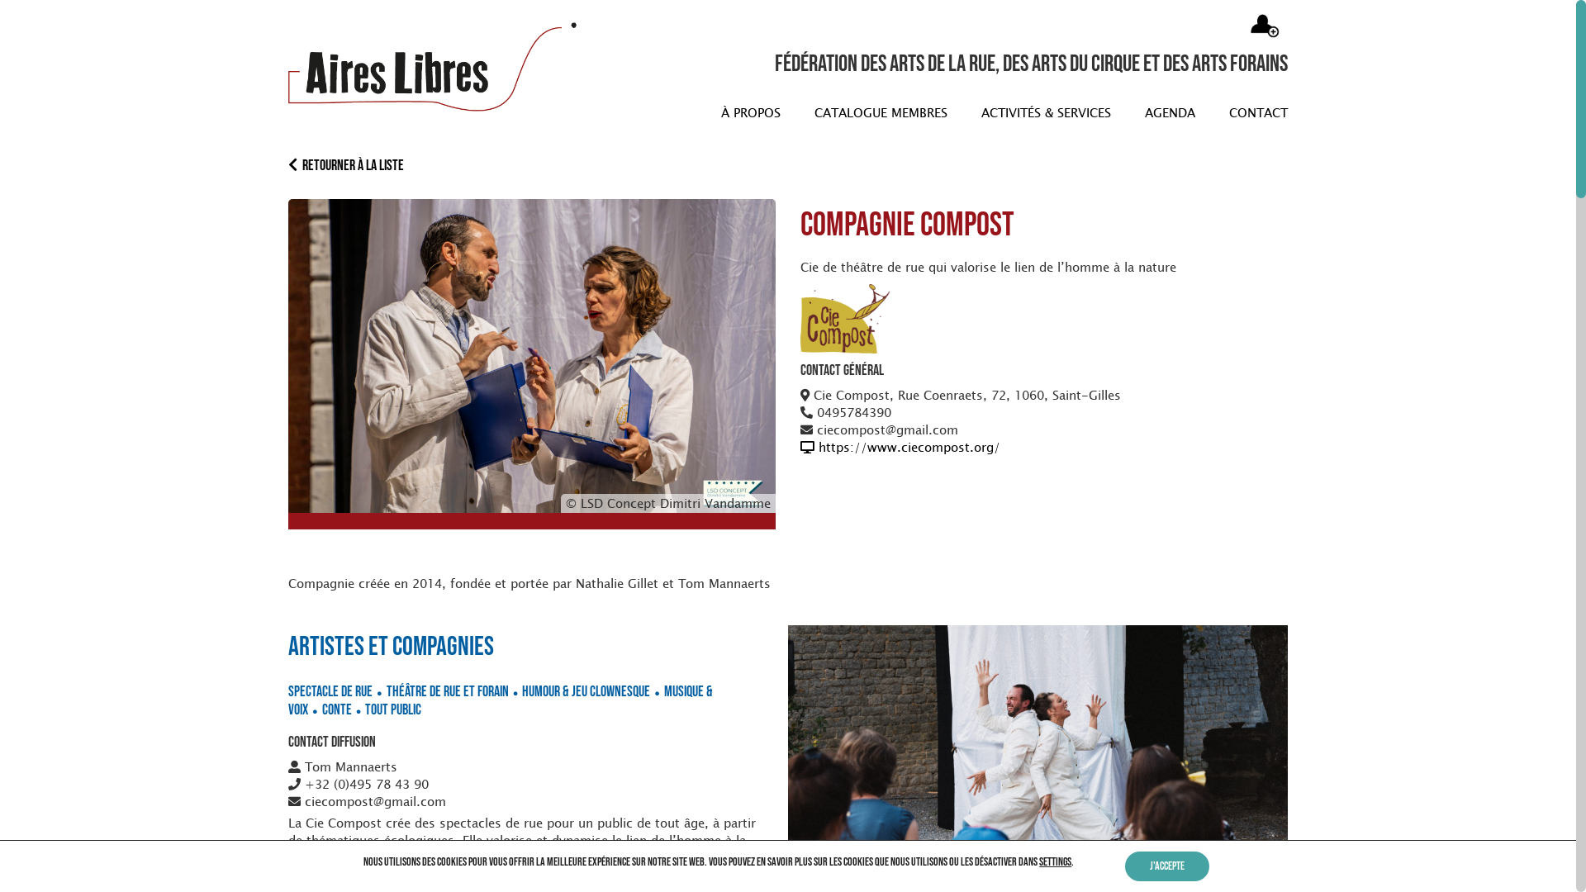 The width and height of the screenshot is (1586, 892). Describe the element at coordinates (1134, 111) in the screenshot. I see `'AGENDA'` at that location.